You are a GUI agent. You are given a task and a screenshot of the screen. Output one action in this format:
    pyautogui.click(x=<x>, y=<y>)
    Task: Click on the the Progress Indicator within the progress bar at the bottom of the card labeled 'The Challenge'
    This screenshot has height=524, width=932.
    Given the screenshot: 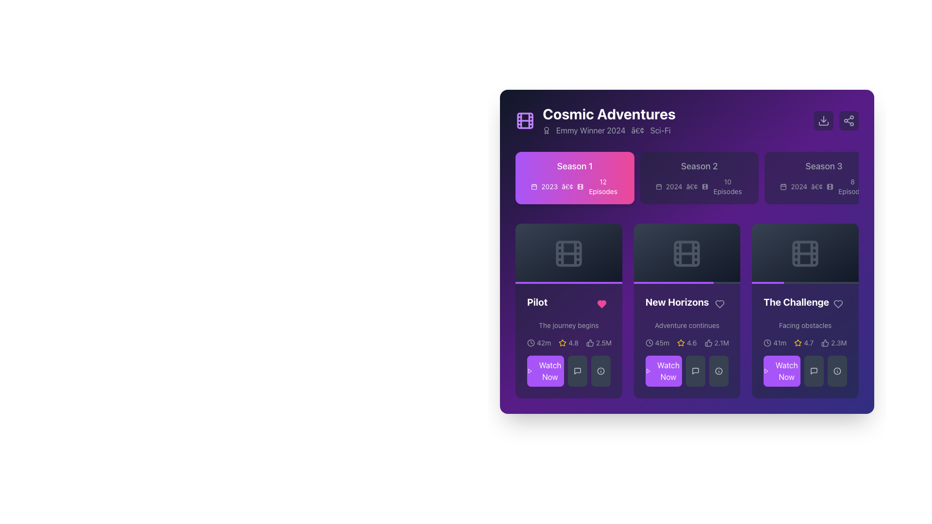 What is the action you would take?
    pyautogui.click(x=767, y=282)
    